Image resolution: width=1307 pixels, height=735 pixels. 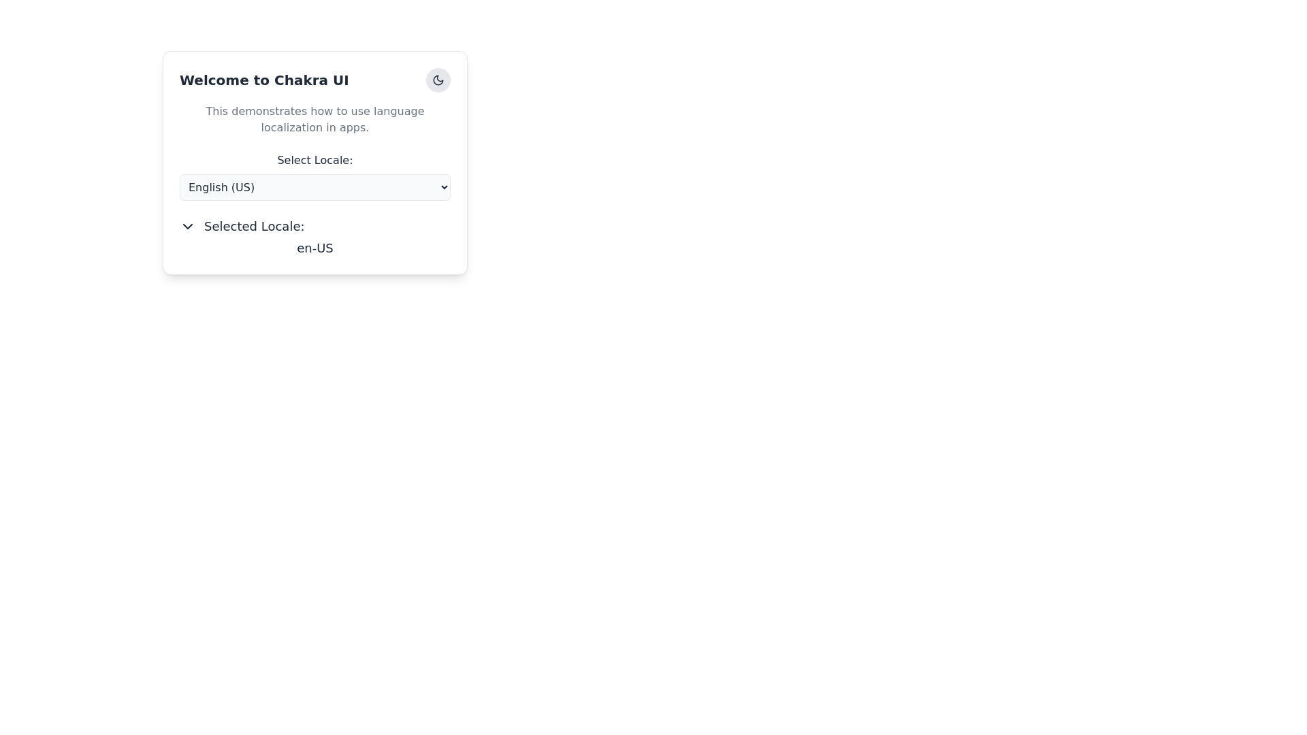 What do you see at coordinates (314, 236) in the screenshot?
I see `the Text Display element that shows the currently selected locale ('Selected Locale: en-US') located below the 'Select Locale' dropdown menu` at bounding box center [314, 236].